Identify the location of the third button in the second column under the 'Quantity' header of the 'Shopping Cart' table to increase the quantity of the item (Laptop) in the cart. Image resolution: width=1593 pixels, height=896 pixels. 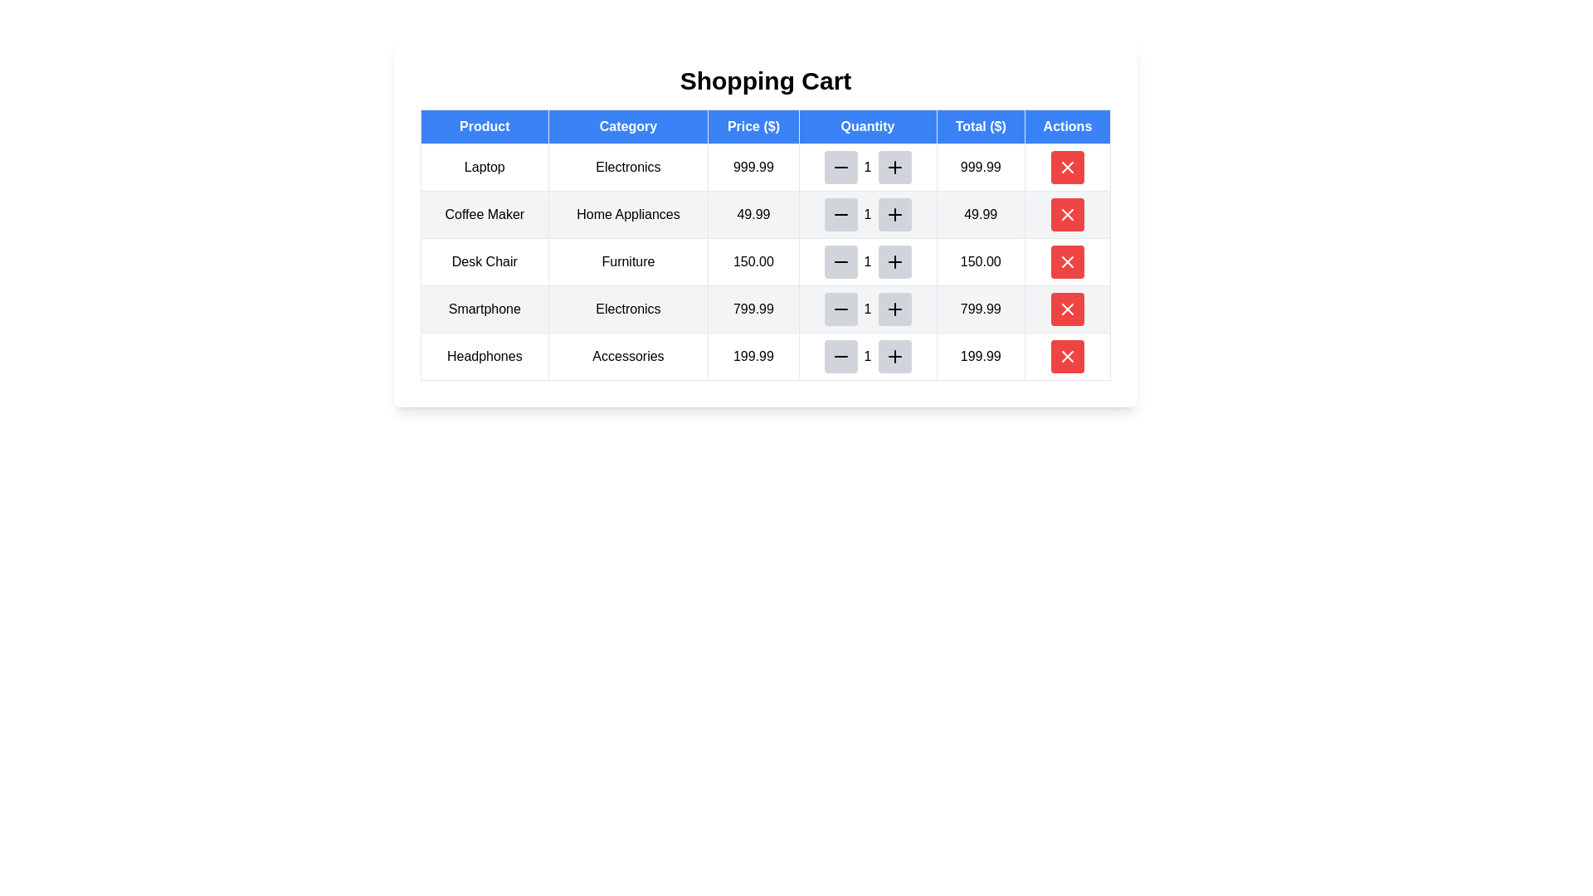
(894, 167).